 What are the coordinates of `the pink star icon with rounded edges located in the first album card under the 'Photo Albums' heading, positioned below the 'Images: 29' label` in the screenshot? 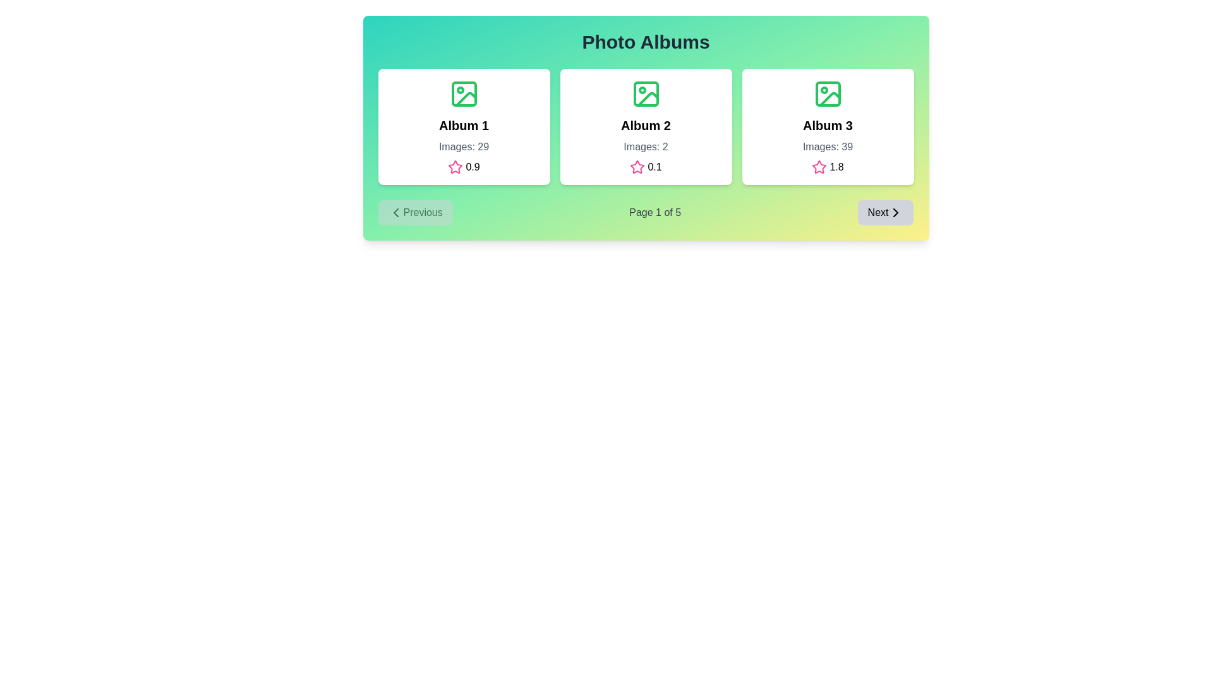 It's located at (455, 167).